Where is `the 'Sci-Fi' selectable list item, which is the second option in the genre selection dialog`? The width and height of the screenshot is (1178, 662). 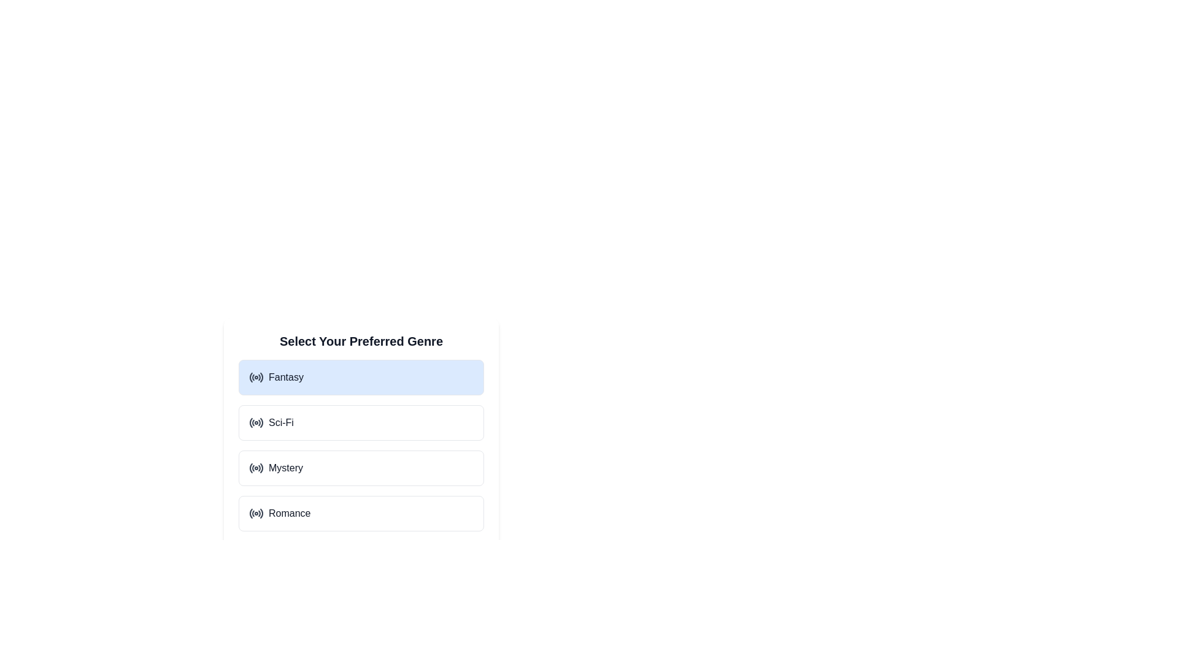
the 'Sci-Fi' selectable list item, which is the second option in the genre selection dialog is located at coordinates (361, 420).